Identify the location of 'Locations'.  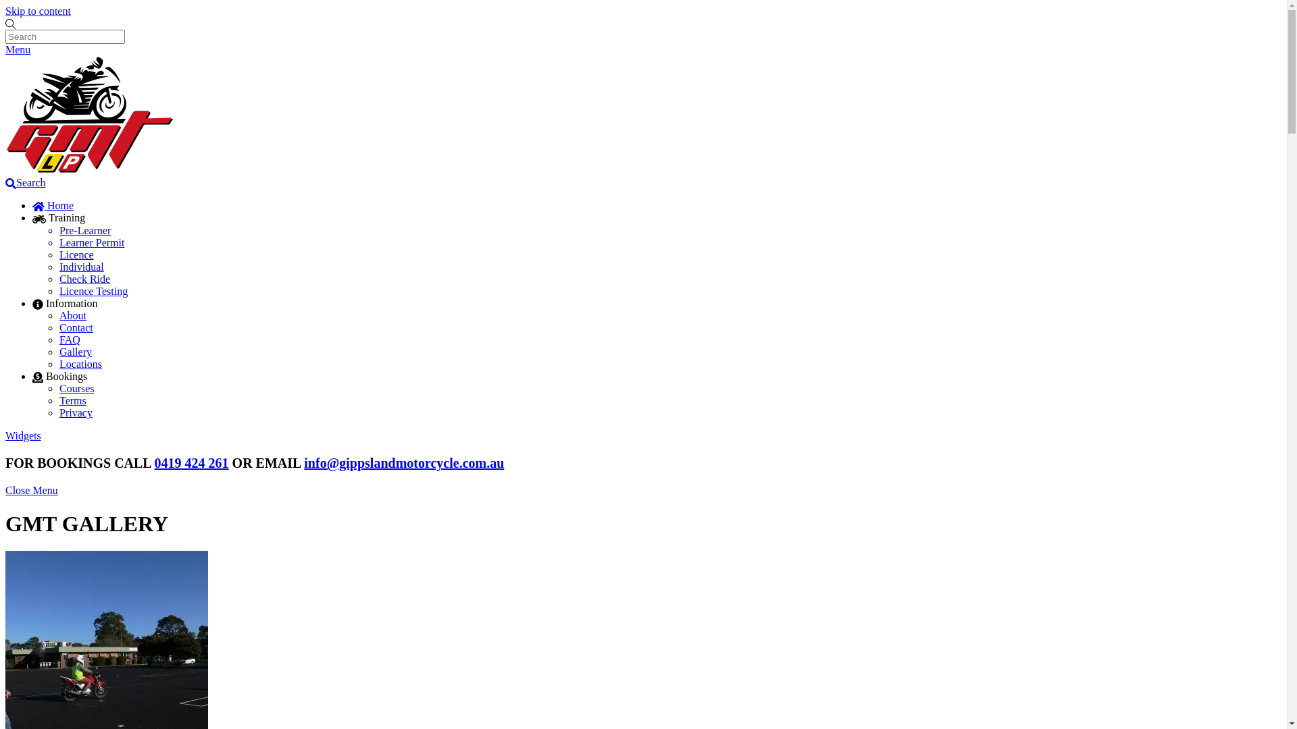
(58, 363).